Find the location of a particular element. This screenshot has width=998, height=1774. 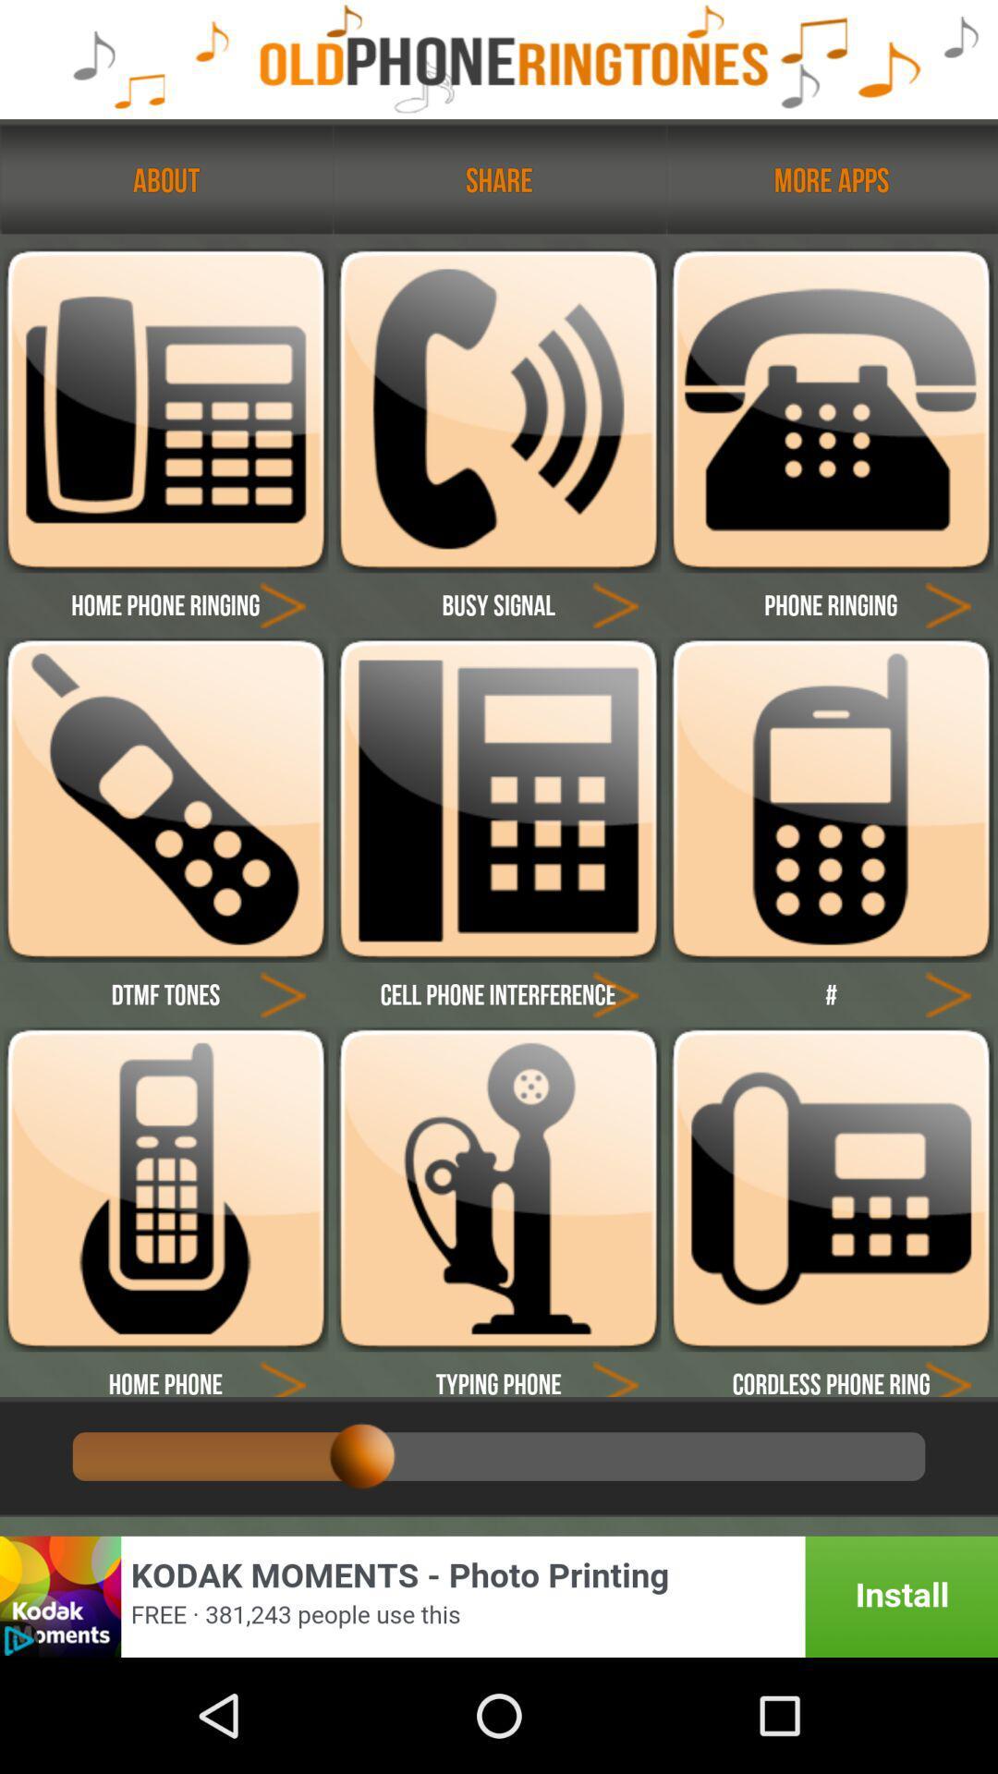

ringtone selection is located at coordinates (164, 799).